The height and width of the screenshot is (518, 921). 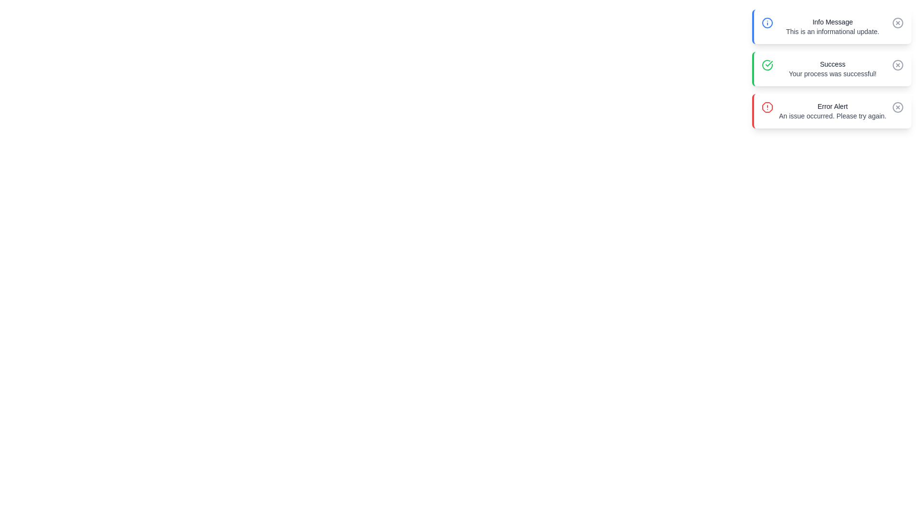 I want to click on the Text label that indicates the successful state of an operation, located at the top section of the green-bordered notification card in the middle of the three stacked cards on the right side of the interface, so click(x=832, y=64).